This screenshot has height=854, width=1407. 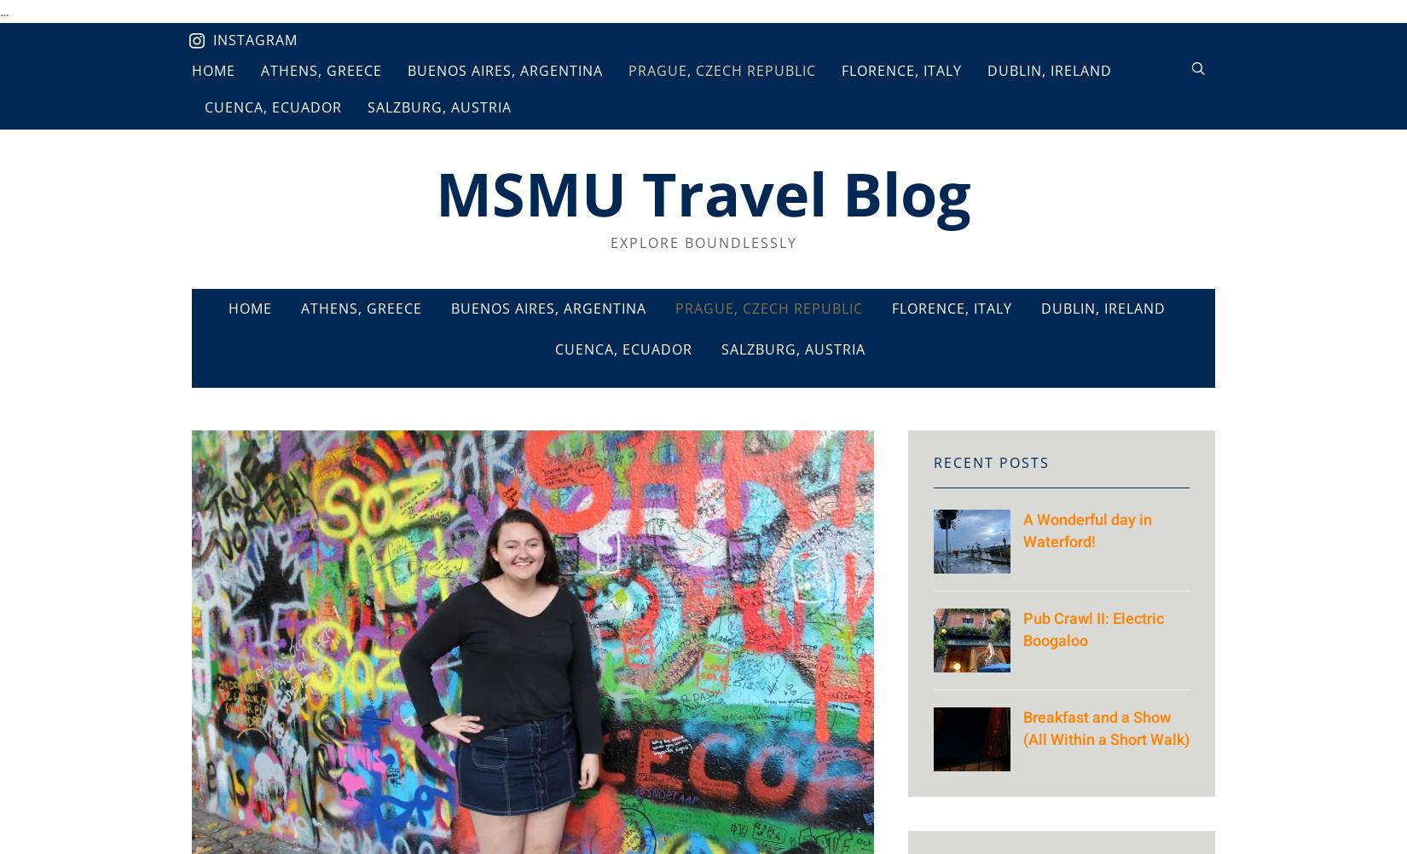 I want to click on 'Dublin, Ireland', so click(x=1102, y=309).